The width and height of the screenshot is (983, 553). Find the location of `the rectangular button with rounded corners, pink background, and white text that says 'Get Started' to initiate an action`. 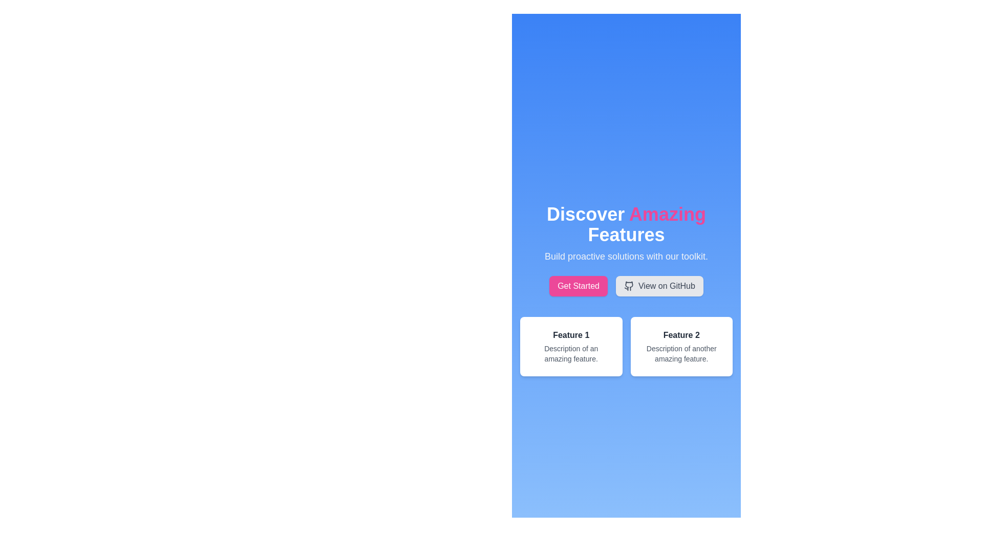

the rectangular button with rounded corners, pink background, and white text that says 'Get Started' to initiate an action is located at coordinates (578, 286).